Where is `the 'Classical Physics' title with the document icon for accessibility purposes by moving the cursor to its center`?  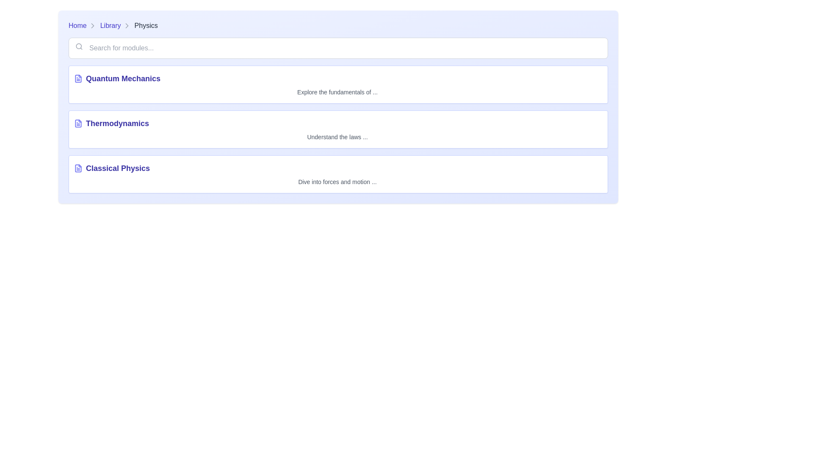 the 'Classical Physics' title with the document icon for accessibility purposes by moving the cursor to its center is located at coordinates (337, 168).